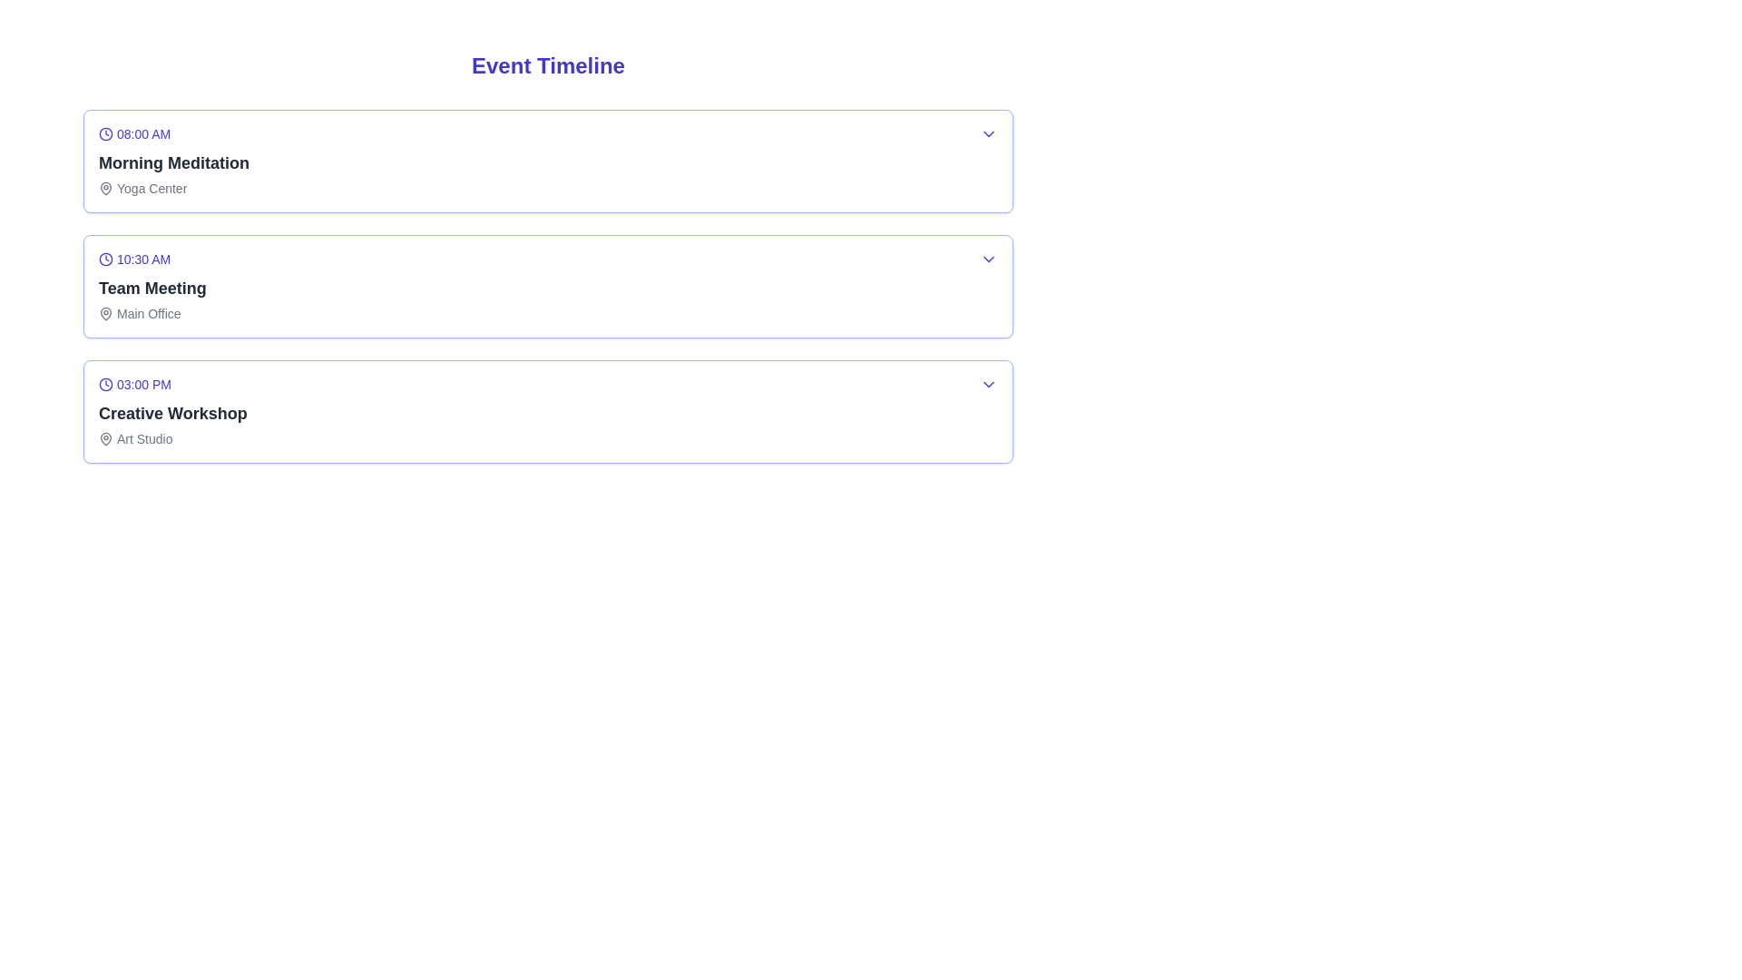  I want to click on the circular clock icon with a hollow center design and a thin blue outline located to the left of the time text '03:00 PM' in the event timeline, so click(104, 384).